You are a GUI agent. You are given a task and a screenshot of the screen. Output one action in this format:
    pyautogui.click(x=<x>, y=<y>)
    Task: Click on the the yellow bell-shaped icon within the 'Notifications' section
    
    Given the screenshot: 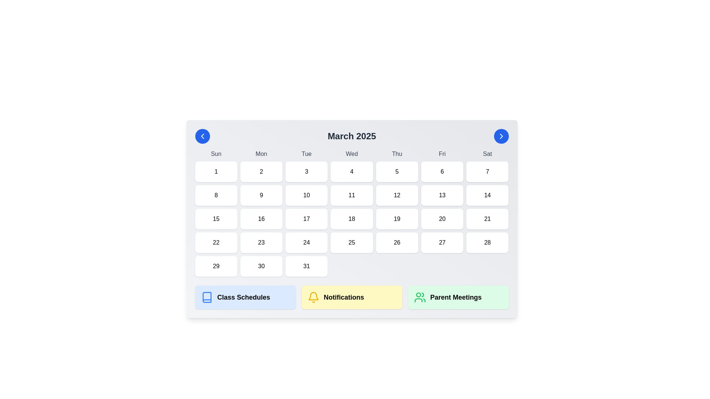 What is the action you would take?
    pyautogui.click(x=313, y=297)
    